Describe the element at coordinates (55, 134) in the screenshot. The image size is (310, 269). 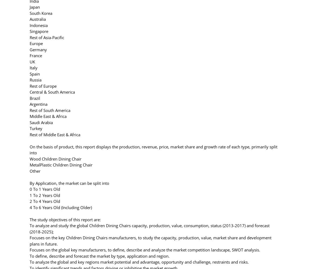
I see `'Rest of Middle East & Africa'` at that location.